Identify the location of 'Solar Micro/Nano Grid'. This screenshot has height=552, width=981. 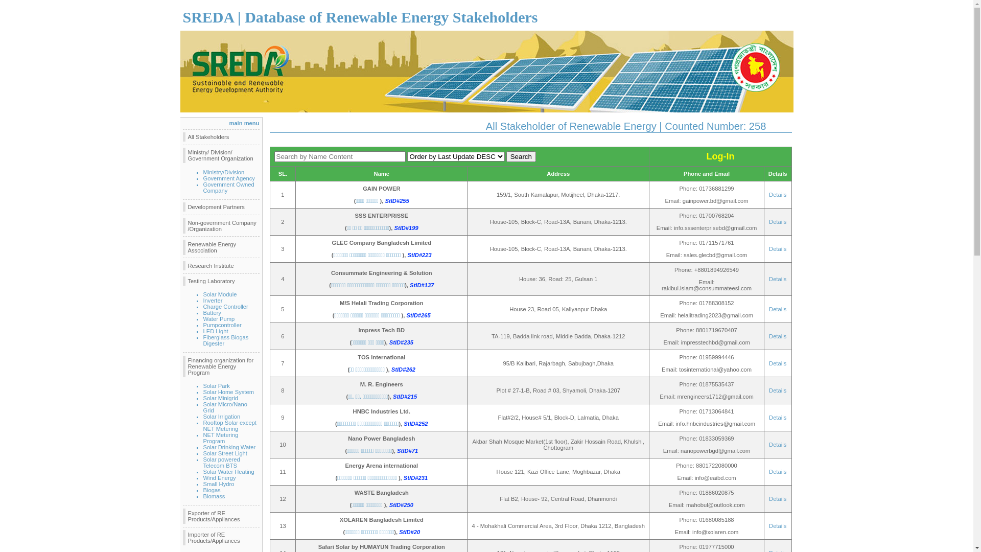
(225, 407).